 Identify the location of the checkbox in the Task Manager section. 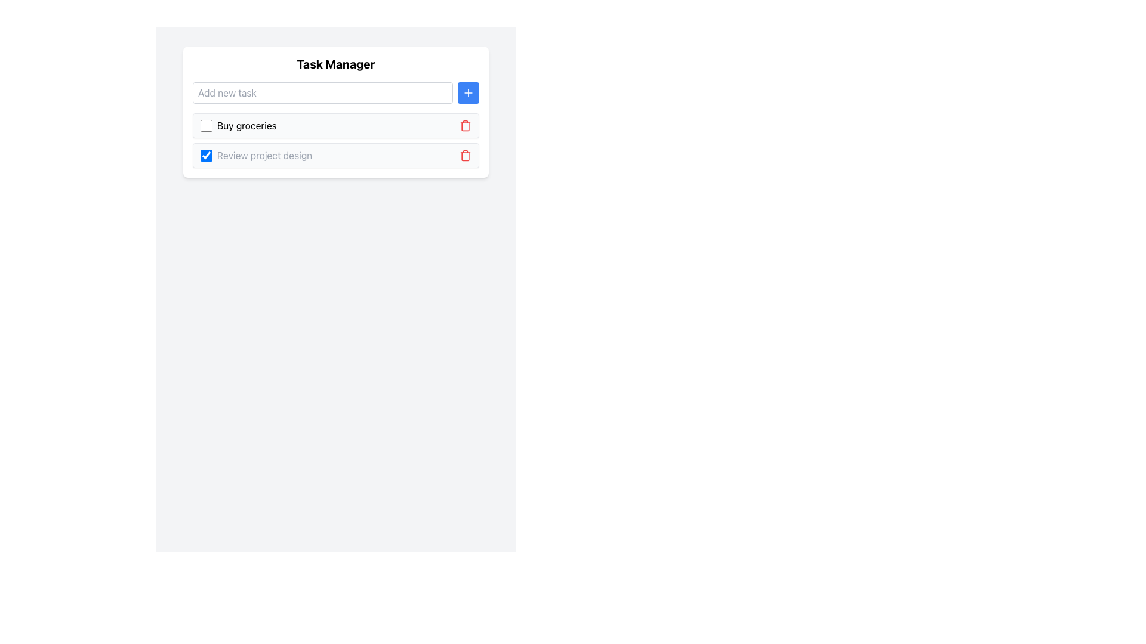
(335, 112).